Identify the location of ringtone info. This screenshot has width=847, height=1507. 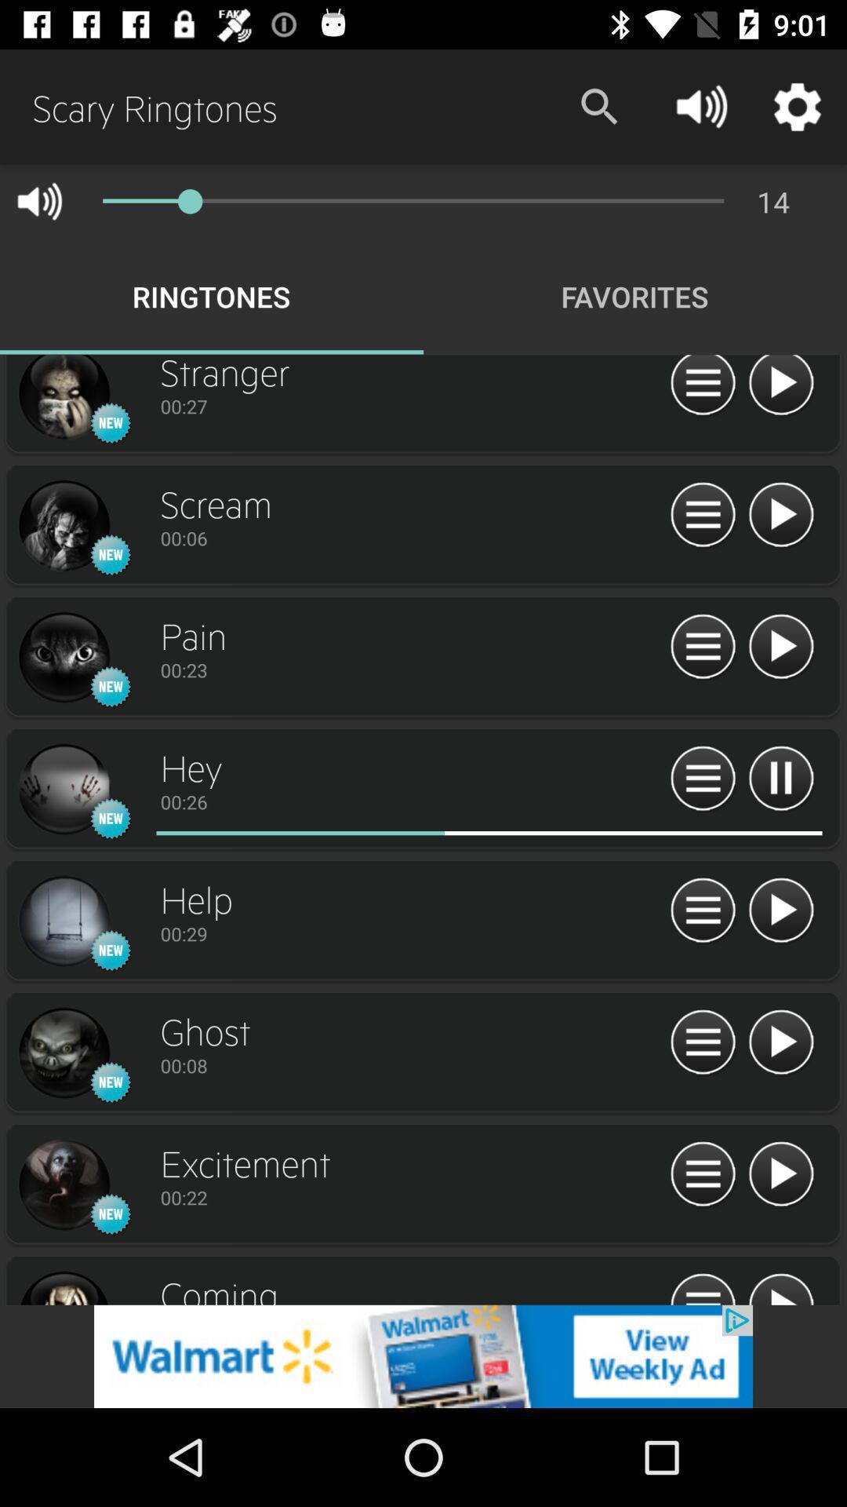
(702, 1287).